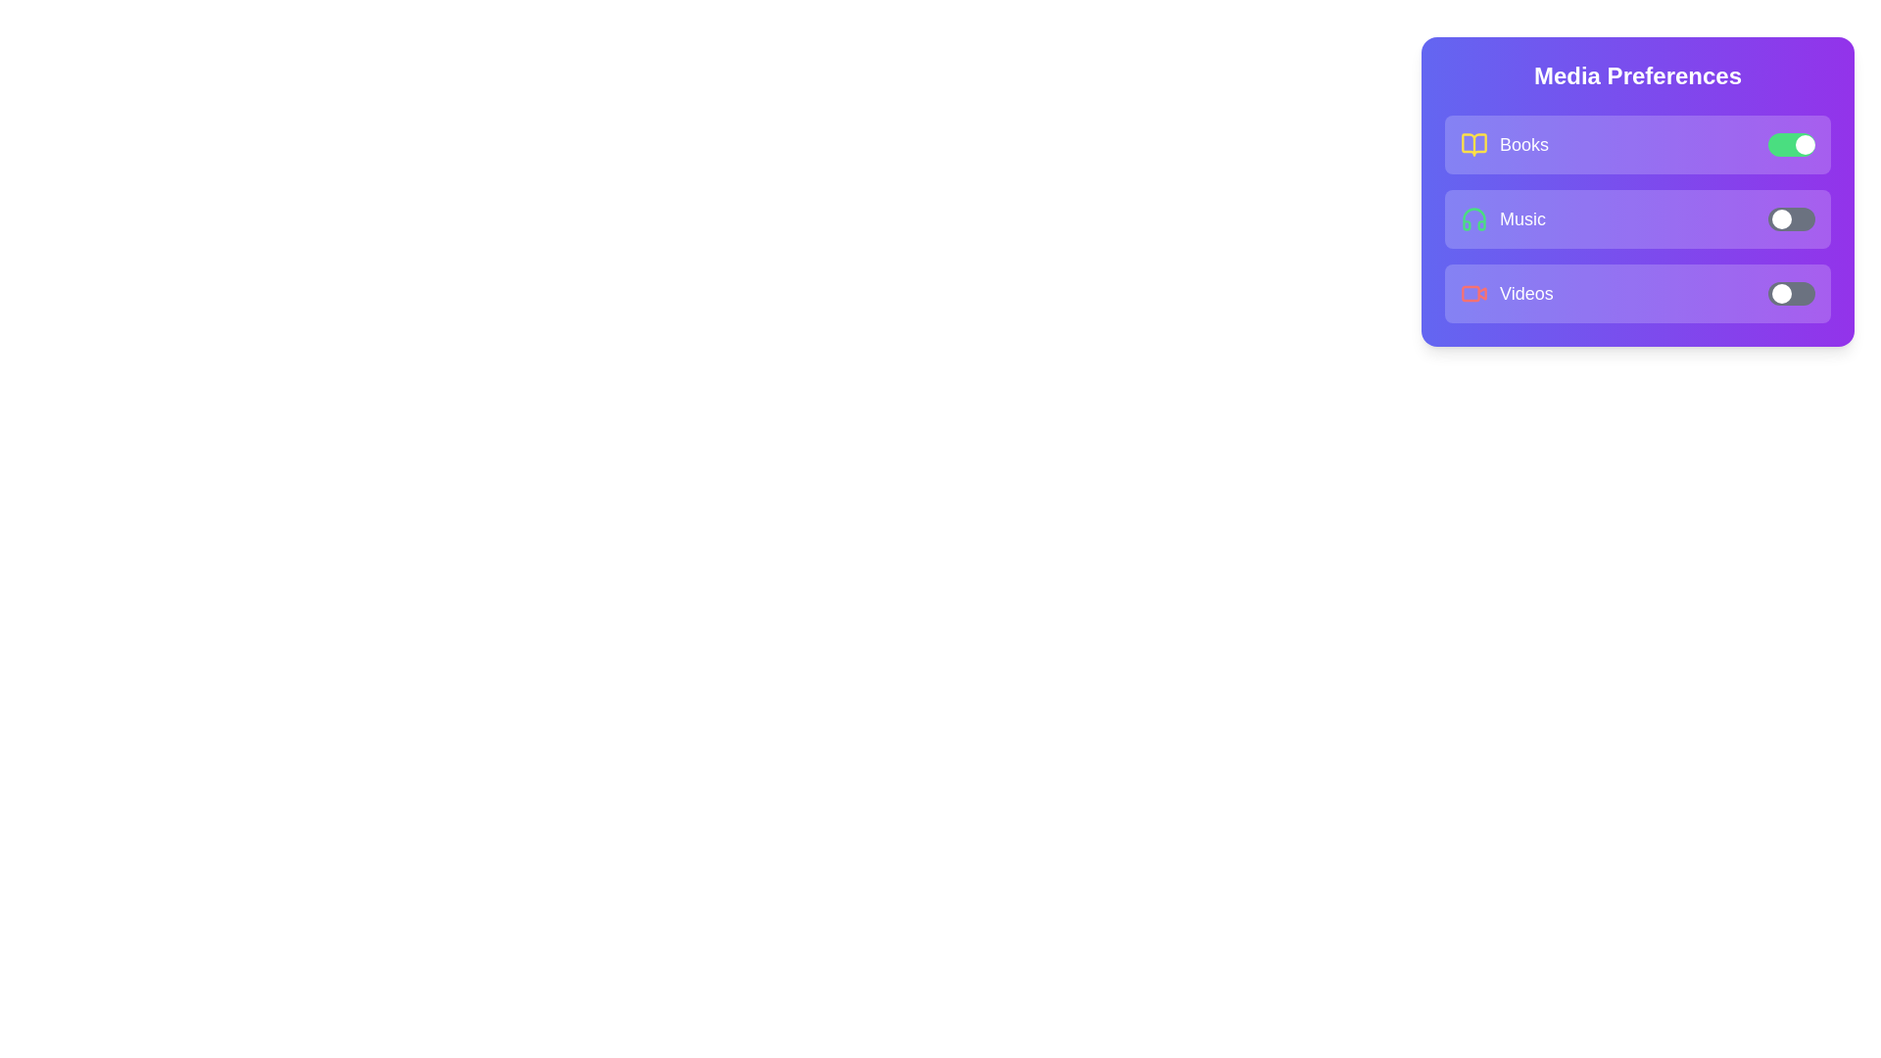 This screenshot has width=1881, height=1058. What do you see at coordinates (1805, 143) in the screenshot?
I see `the circular toggle thumb of the sliding switch in the 'Media Preferences' panel under the 'Books' preference` at bounding box center [1805, 143].